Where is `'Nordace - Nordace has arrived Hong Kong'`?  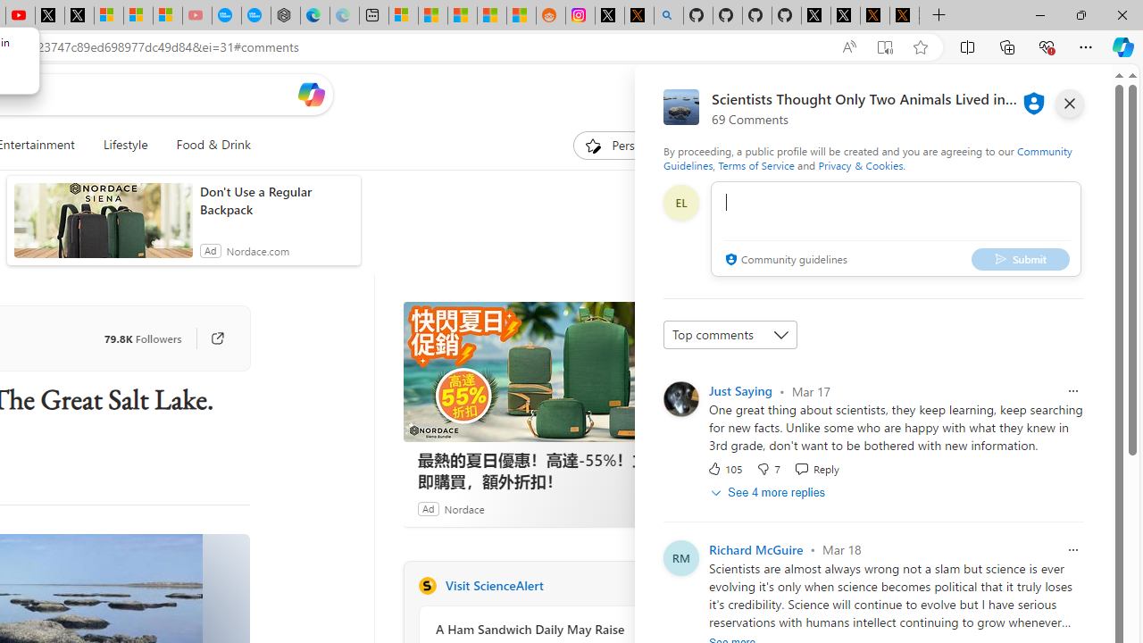 'Nordace - Nordace has arrived Hong Kong' is located at coordinates (286, 15).